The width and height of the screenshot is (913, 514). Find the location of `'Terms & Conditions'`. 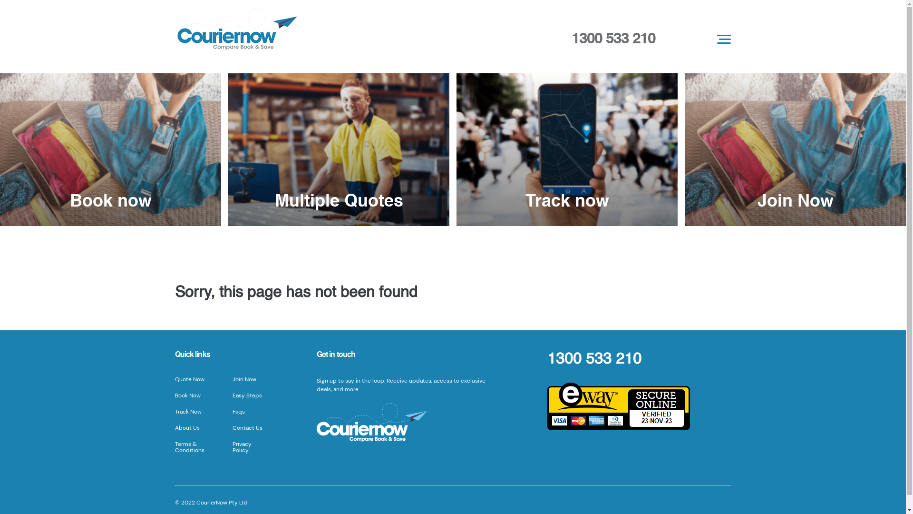

'Terms & Conditions' is located at coordinates (189, 447).